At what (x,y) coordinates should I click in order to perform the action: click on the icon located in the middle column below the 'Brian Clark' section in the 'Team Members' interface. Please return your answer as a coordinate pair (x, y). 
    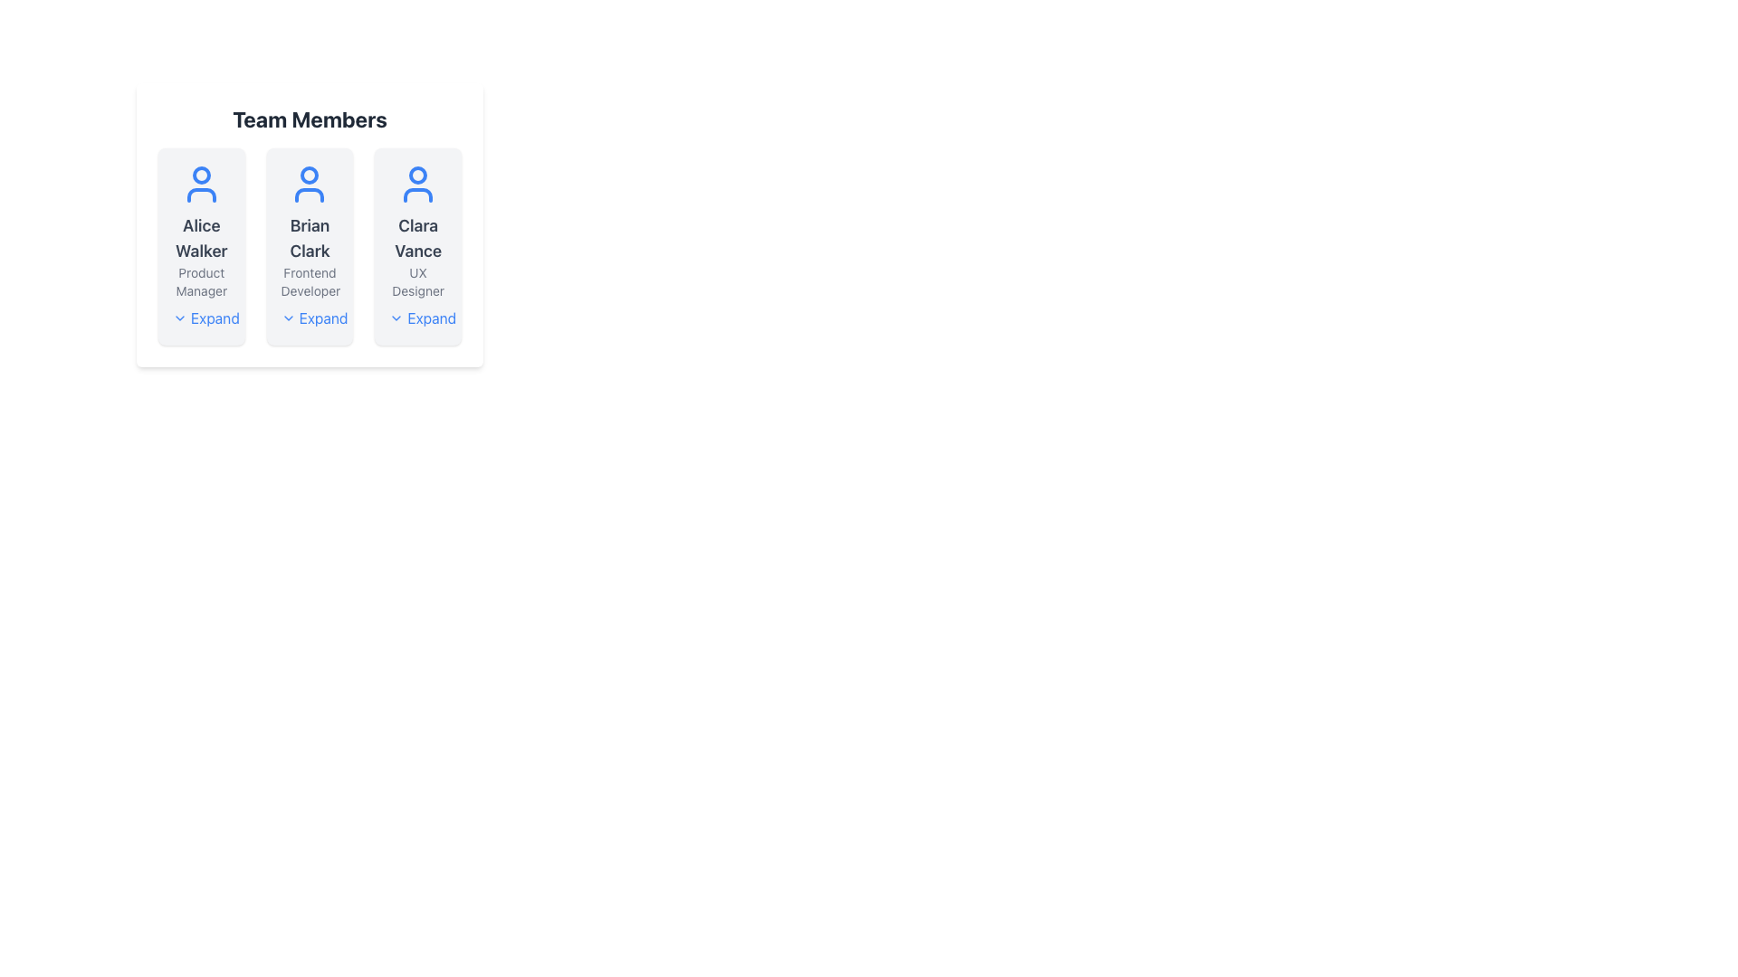
    Looking at the image, I should click on (287, 317).